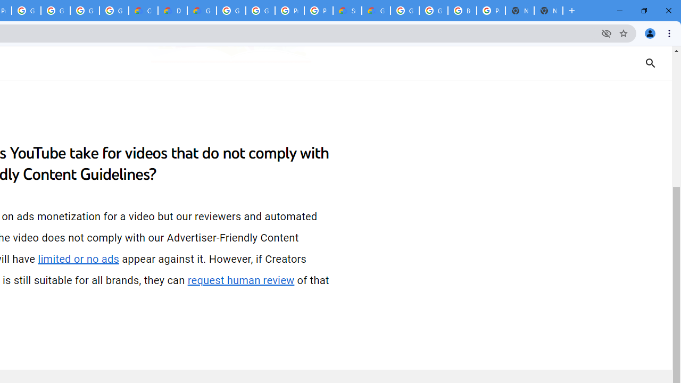  What do you see at coordinates (260, 11) in the screenshot?
I see `'Google Cloud Platform'` at bounding box center [260, 11].